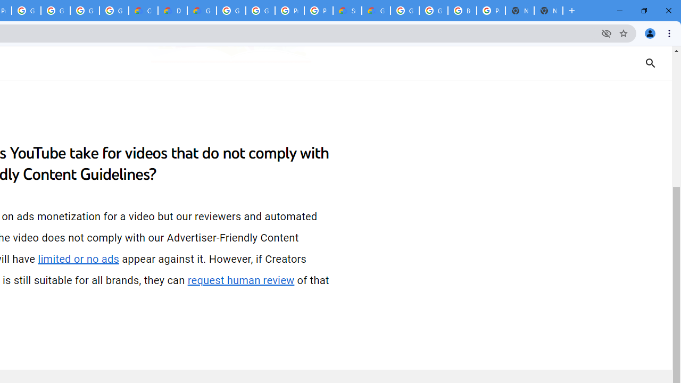  What do you see at coordinates (260, 11) in the screenshot?
I see `'Google Cloud Platform'` at bounding box center [260, 11].